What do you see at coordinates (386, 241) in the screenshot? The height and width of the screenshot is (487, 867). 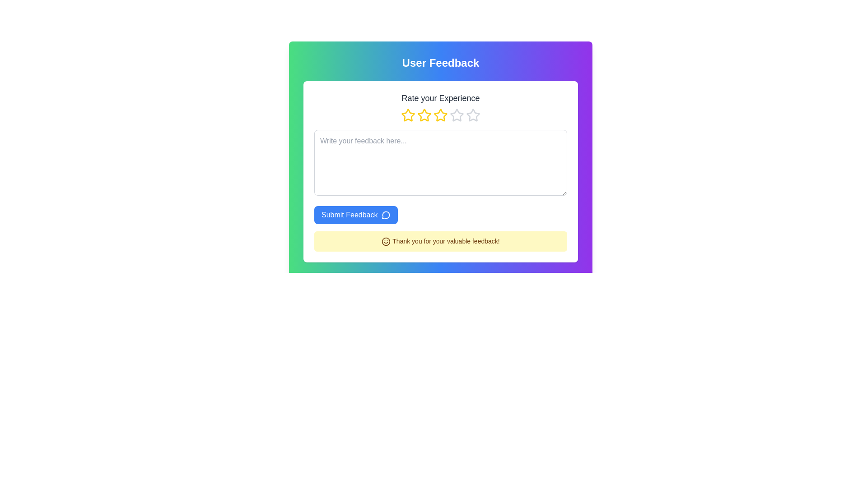 I see `the positive sentiment icon located within the yellow feedback message box that says 'Thank you for your valuable feedback!'` at bounding box center [386, 241].